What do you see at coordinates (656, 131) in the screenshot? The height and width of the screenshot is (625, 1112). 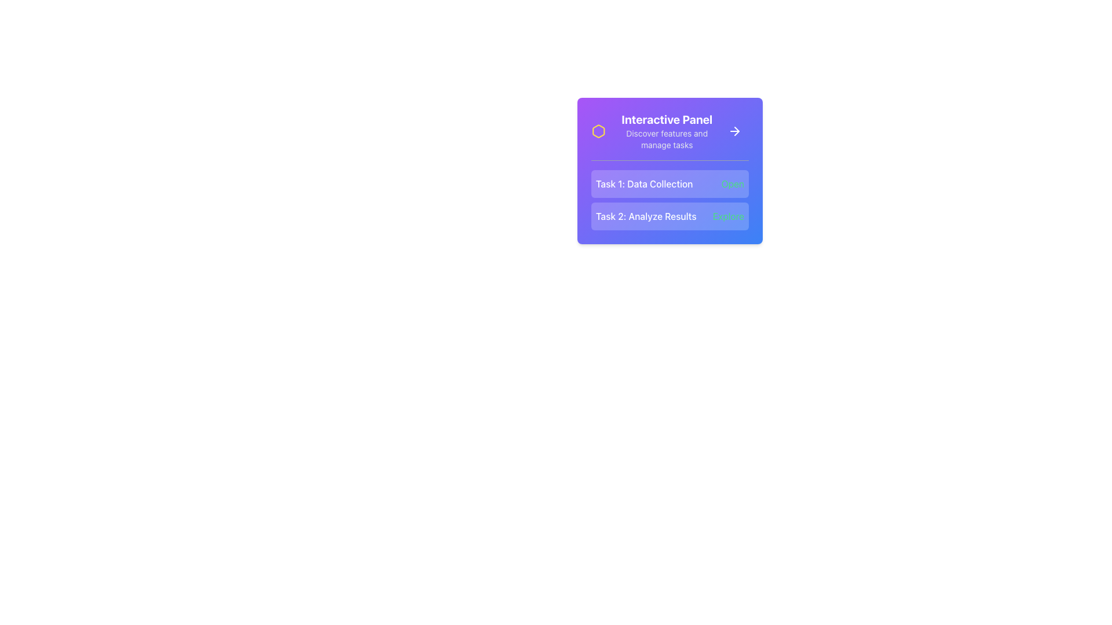 I see `the section header located in the top section of the purple gradient box, which is left-aligned and adjacent to the yellow hexagonal icon` at bounding box center [656, 131].